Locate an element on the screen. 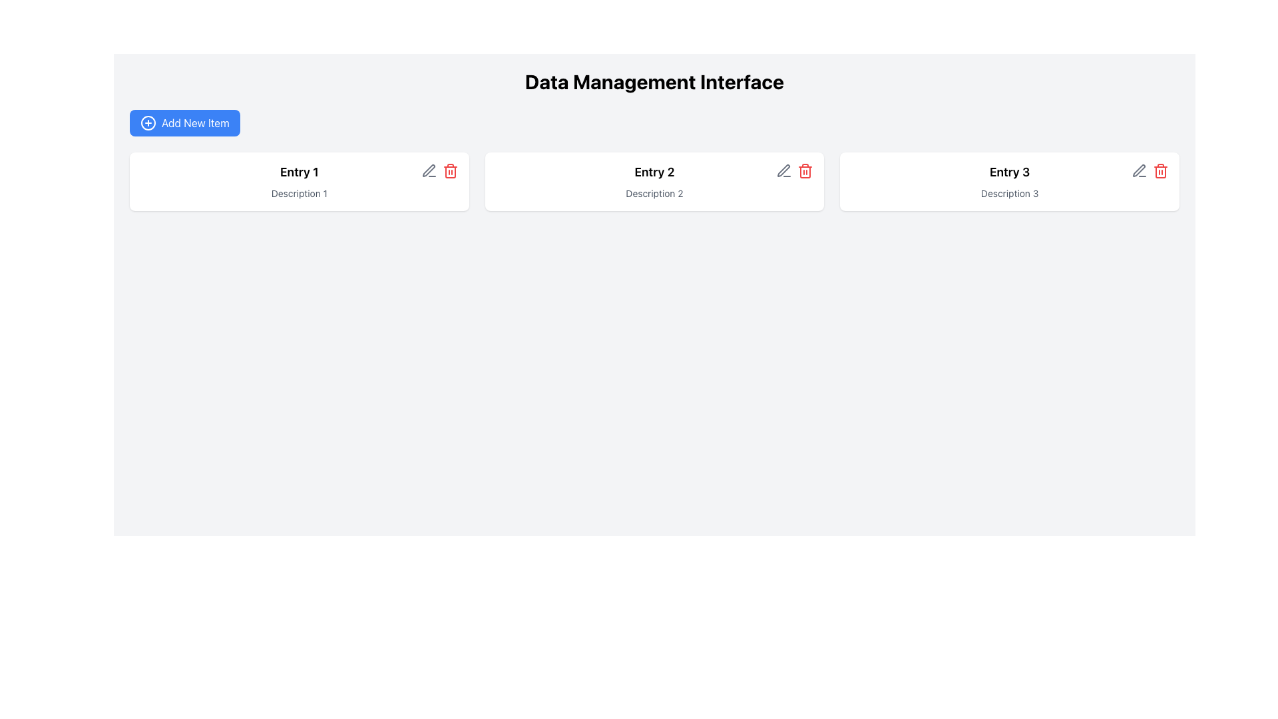  the stylized pen icon button is located at coordinates (1138, 170).